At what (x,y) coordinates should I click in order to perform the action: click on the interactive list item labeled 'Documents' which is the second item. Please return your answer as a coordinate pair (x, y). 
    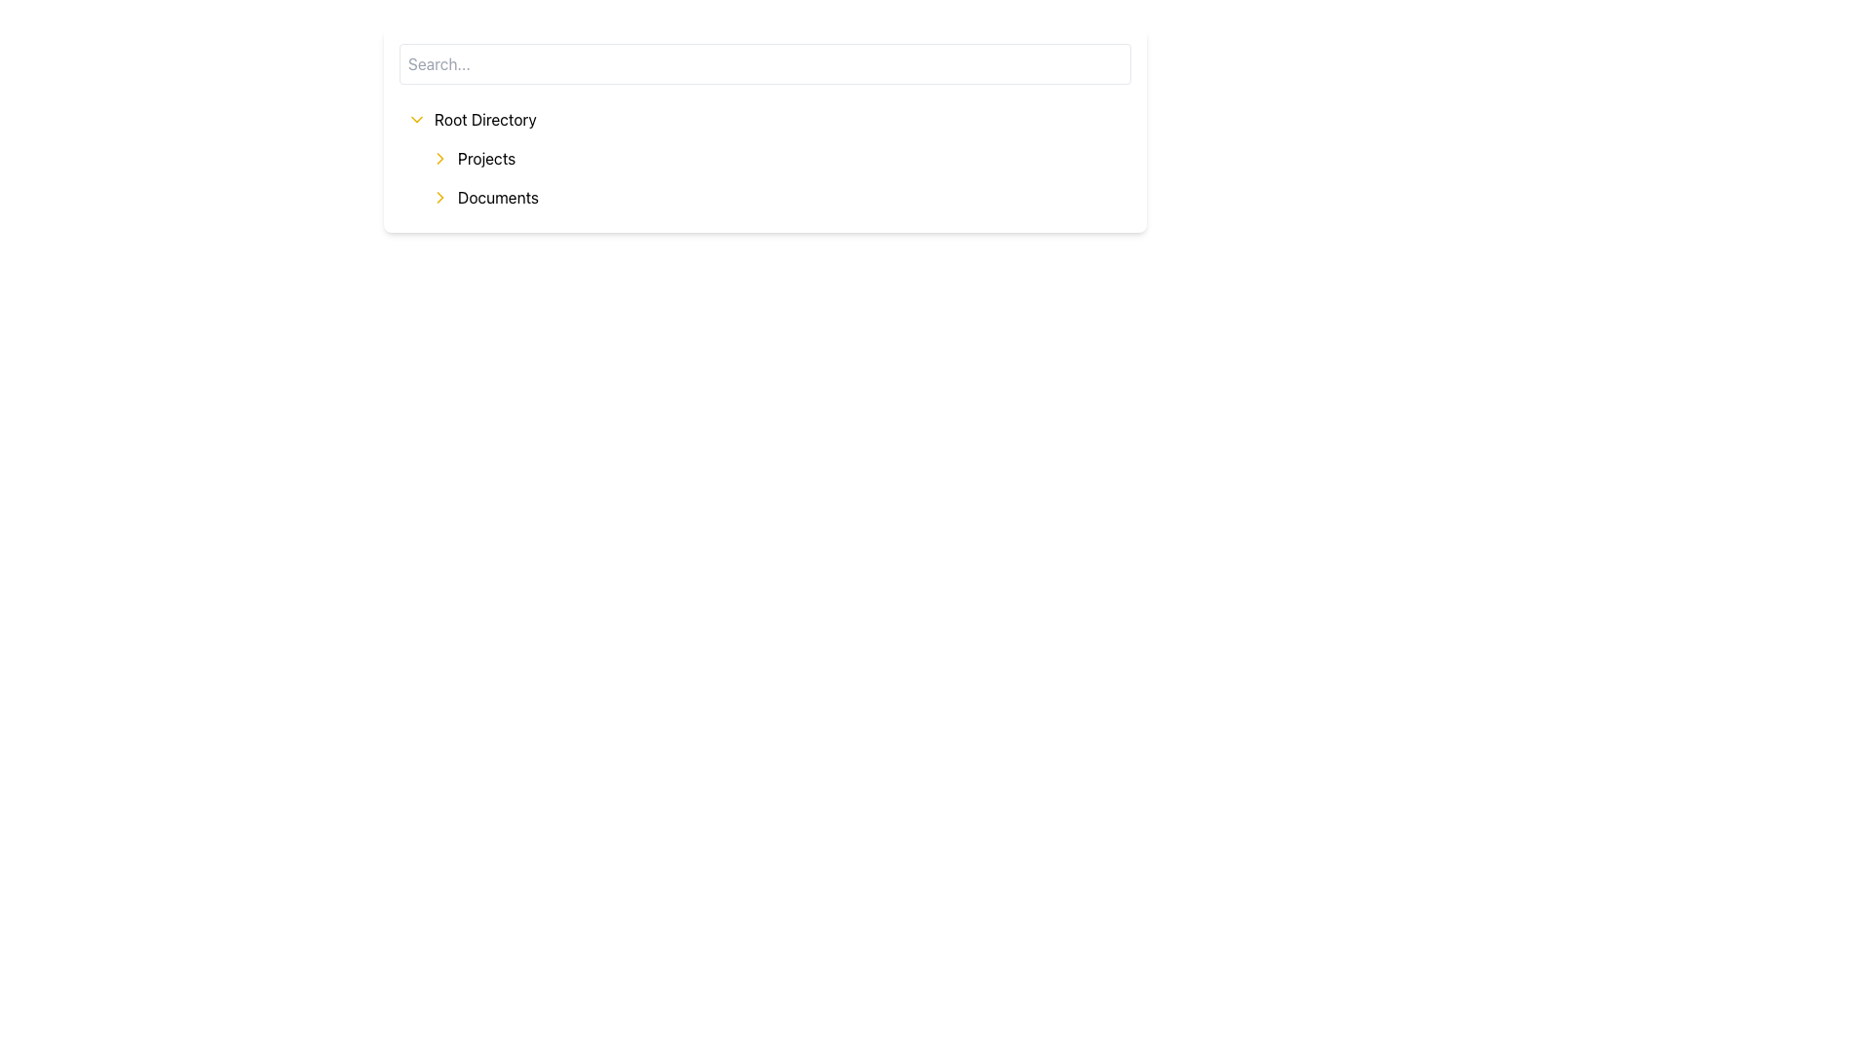
    Looking at the image, I should click on (764, 198).